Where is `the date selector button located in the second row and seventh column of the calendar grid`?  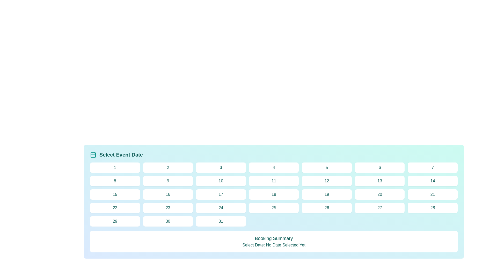
the date selector button located in the second row and seventh column of the calendar grid is located at coordinates (380, 181).